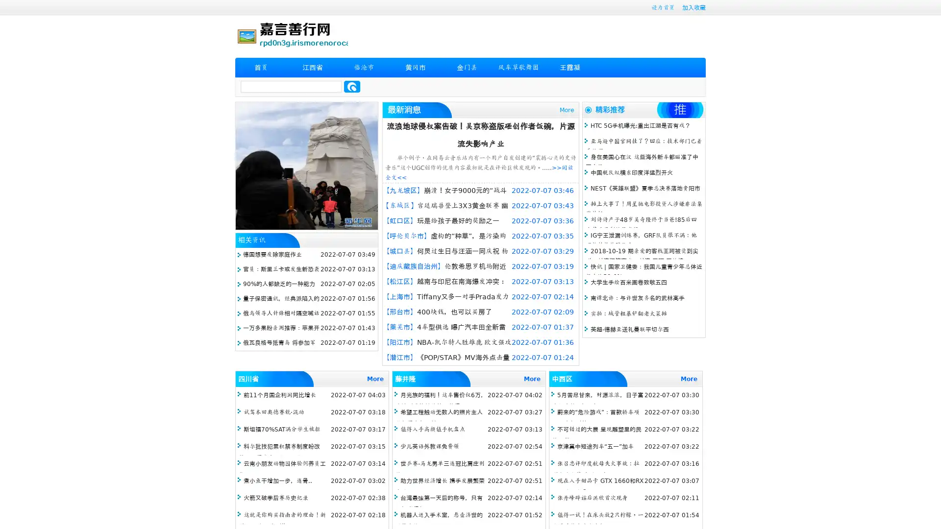 The height and width of the screenshot is (529, 941). I want to click on Search, so click(352, 86).